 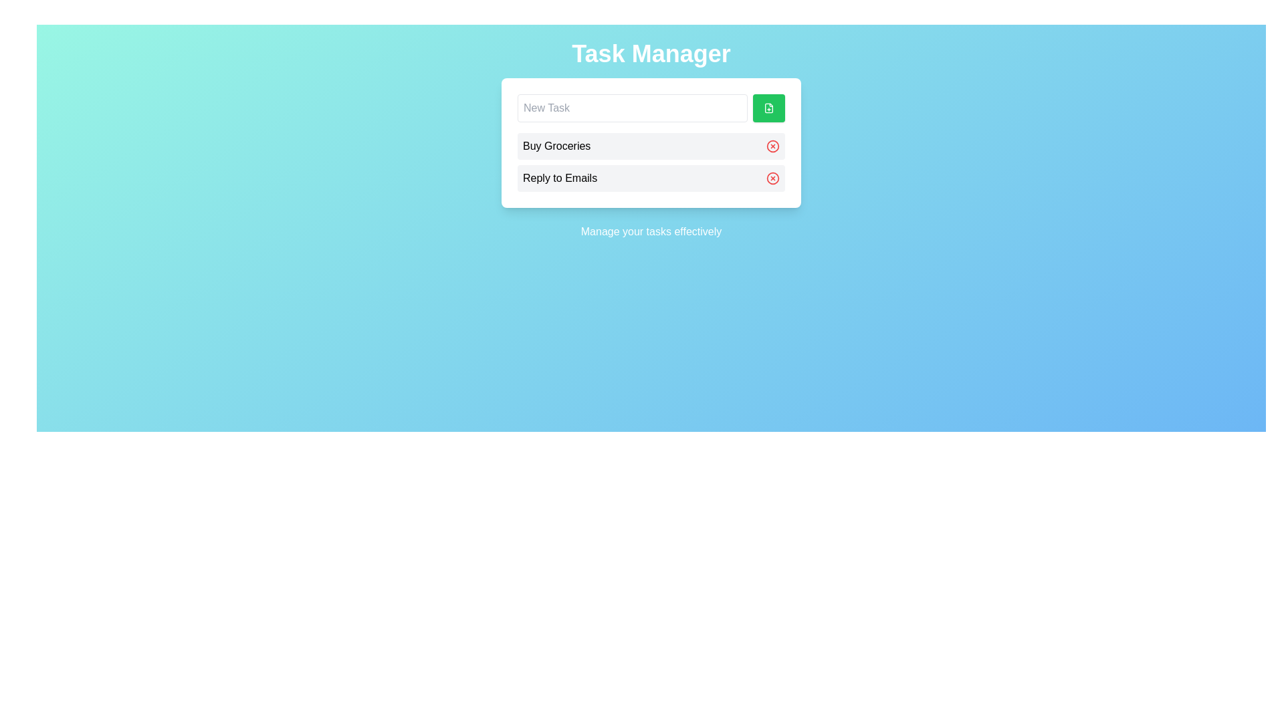 I want to click on the decorative element of the delete icon associated with removing the 'Reply to Emails' task from the second task listed in the 'Task Manager' interface, so click(x=773, y=177).